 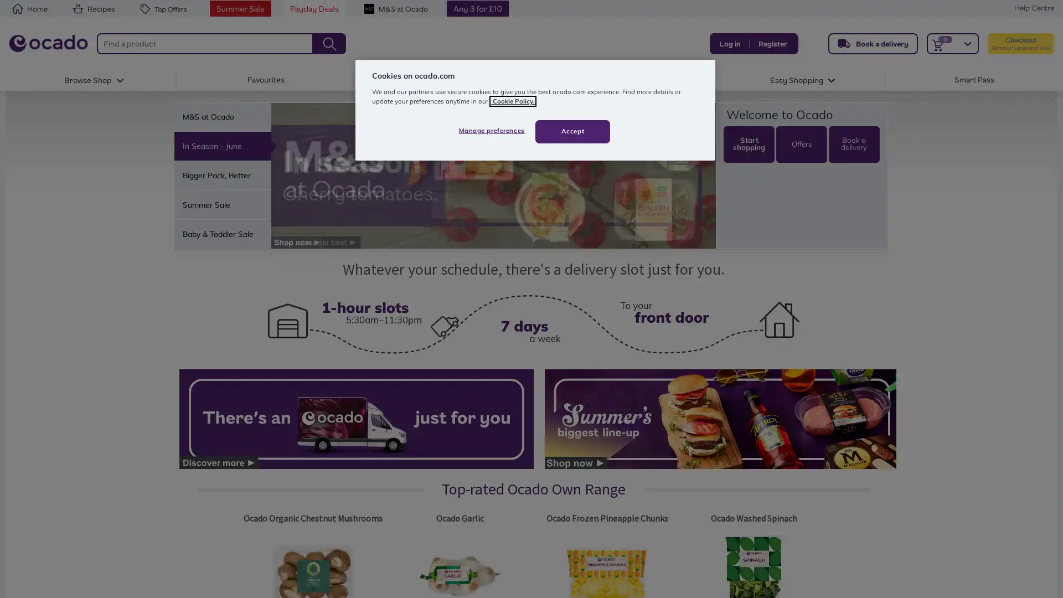 What do you see at coordinates (572, 130) in the screenshot?
I see `Accept` at bounding box center [572, 130].